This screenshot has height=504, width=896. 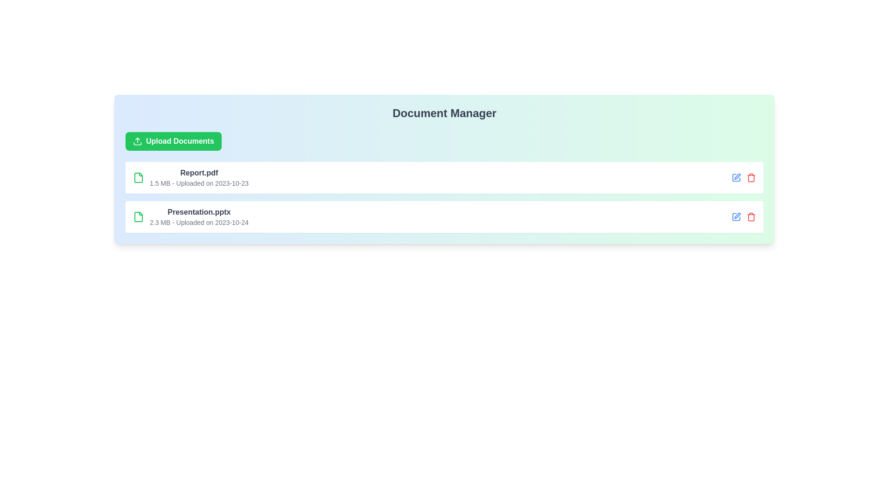 I want to click on the delete button located at the top-right corner of the second document entry, so click(x=751, y=217).